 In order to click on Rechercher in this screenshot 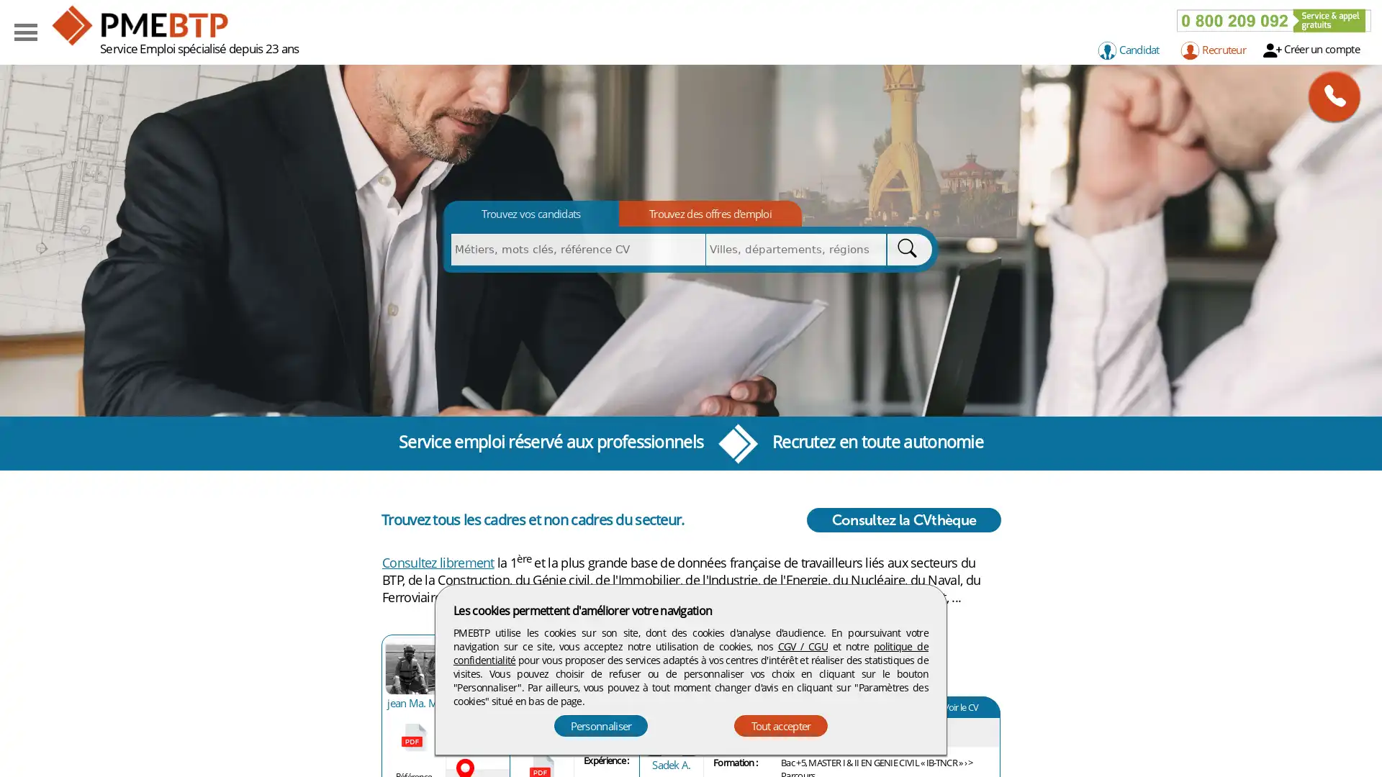, I will do `click(908, 249)`.